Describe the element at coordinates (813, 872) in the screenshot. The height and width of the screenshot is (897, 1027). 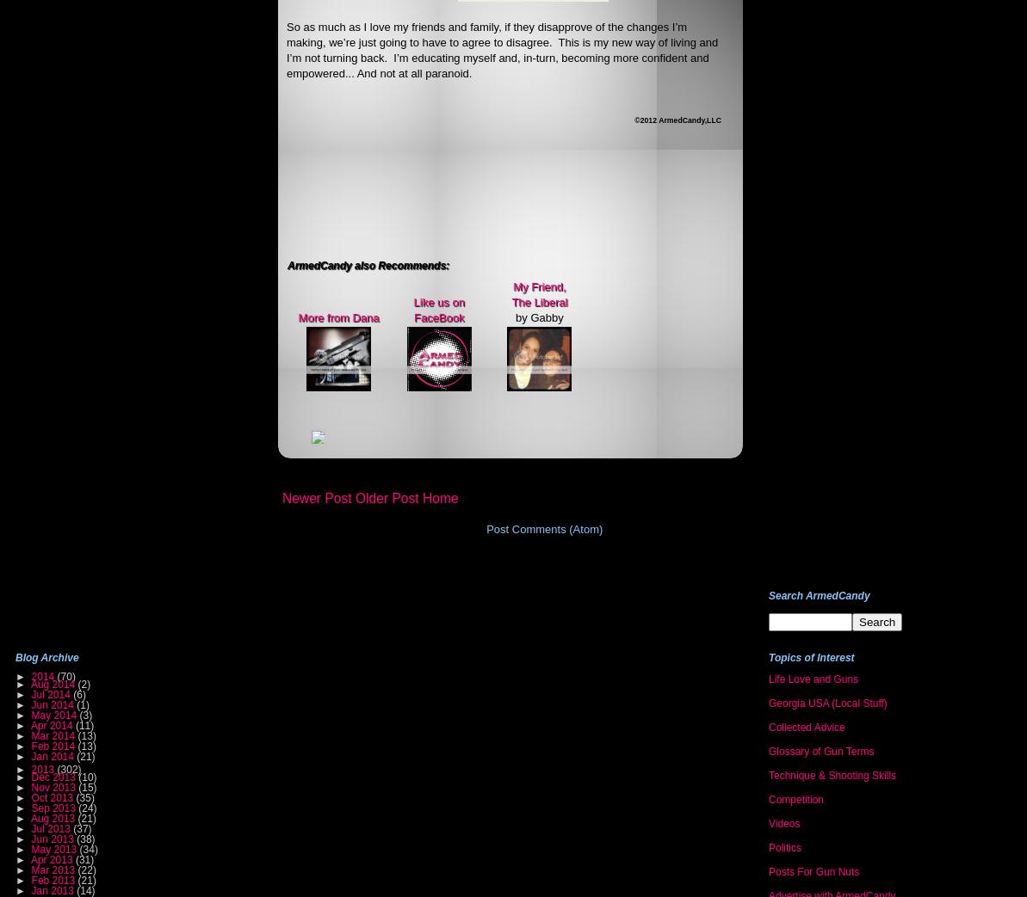
I see `'Posts For Gun Nuts'` at that location.